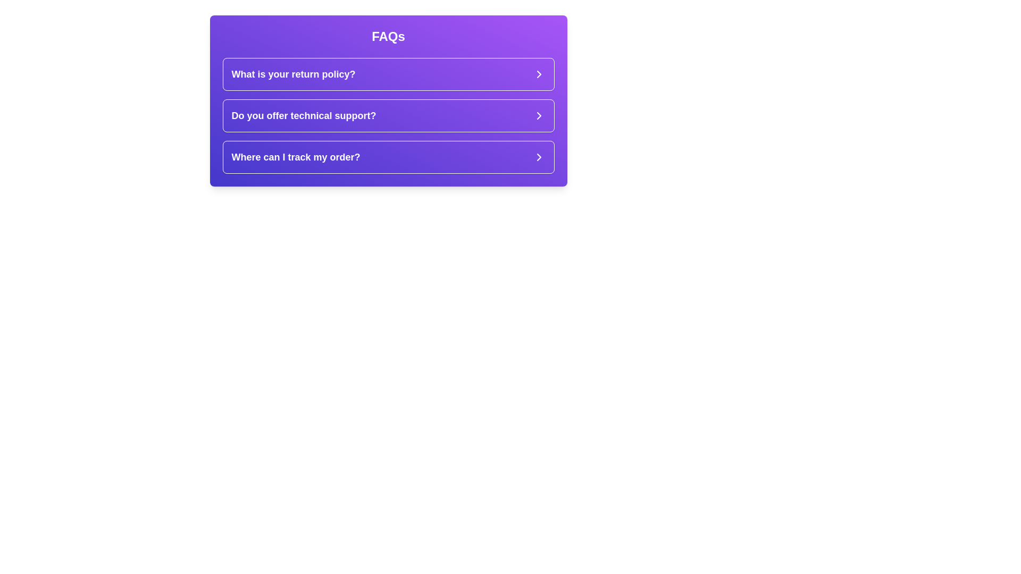 Image resolution: width=1021 pixels, height=574 pixels. I want to click on the heading text displaying the question 'Do you offer technical support?', so click(303, 116).